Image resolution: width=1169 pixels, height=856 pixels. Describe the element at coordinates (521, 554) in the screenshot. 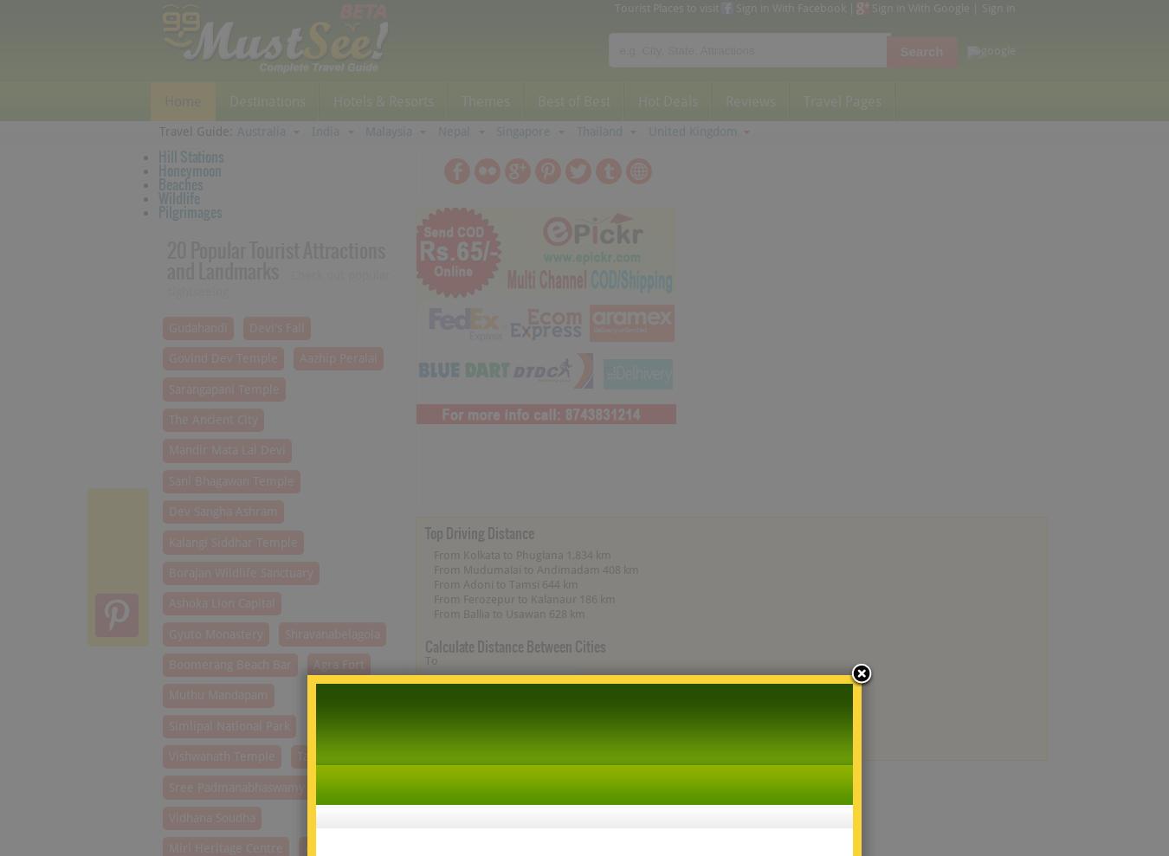

I see `'From Kolkata to Phuglana  1,834 km'` at that location.